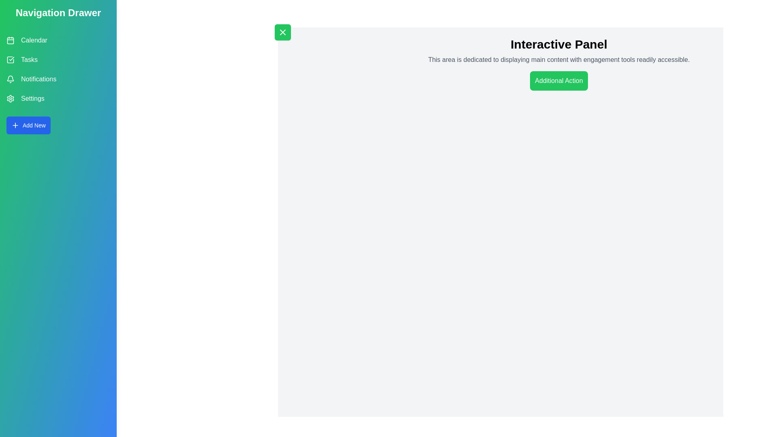 This screenshot has width=778, height=437. Describe the element at coordinates (15, 125) in the screenshot. I see `the 'Add New' icon located in the left navigation drawer` at that location.